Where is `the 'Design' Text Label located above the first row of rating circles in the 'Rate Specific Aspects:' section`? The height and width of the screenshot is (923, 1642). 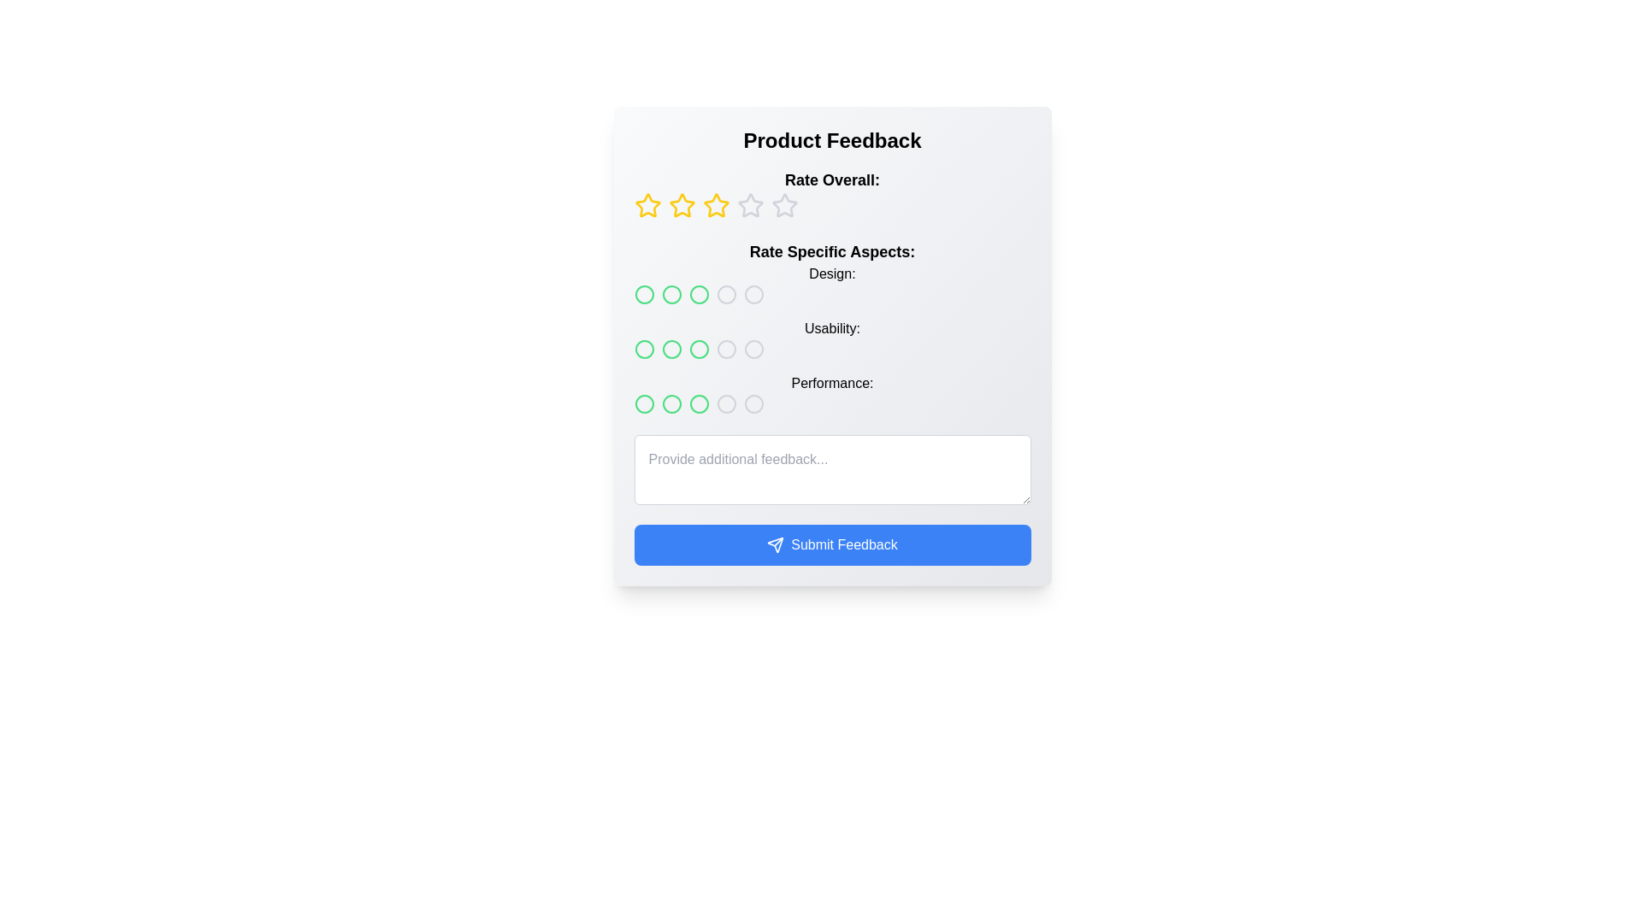
the 'Design' Text Label located above the first row of rating circles in the 'Rate Specific Aspects:' section is located at coordinates (832, 283).